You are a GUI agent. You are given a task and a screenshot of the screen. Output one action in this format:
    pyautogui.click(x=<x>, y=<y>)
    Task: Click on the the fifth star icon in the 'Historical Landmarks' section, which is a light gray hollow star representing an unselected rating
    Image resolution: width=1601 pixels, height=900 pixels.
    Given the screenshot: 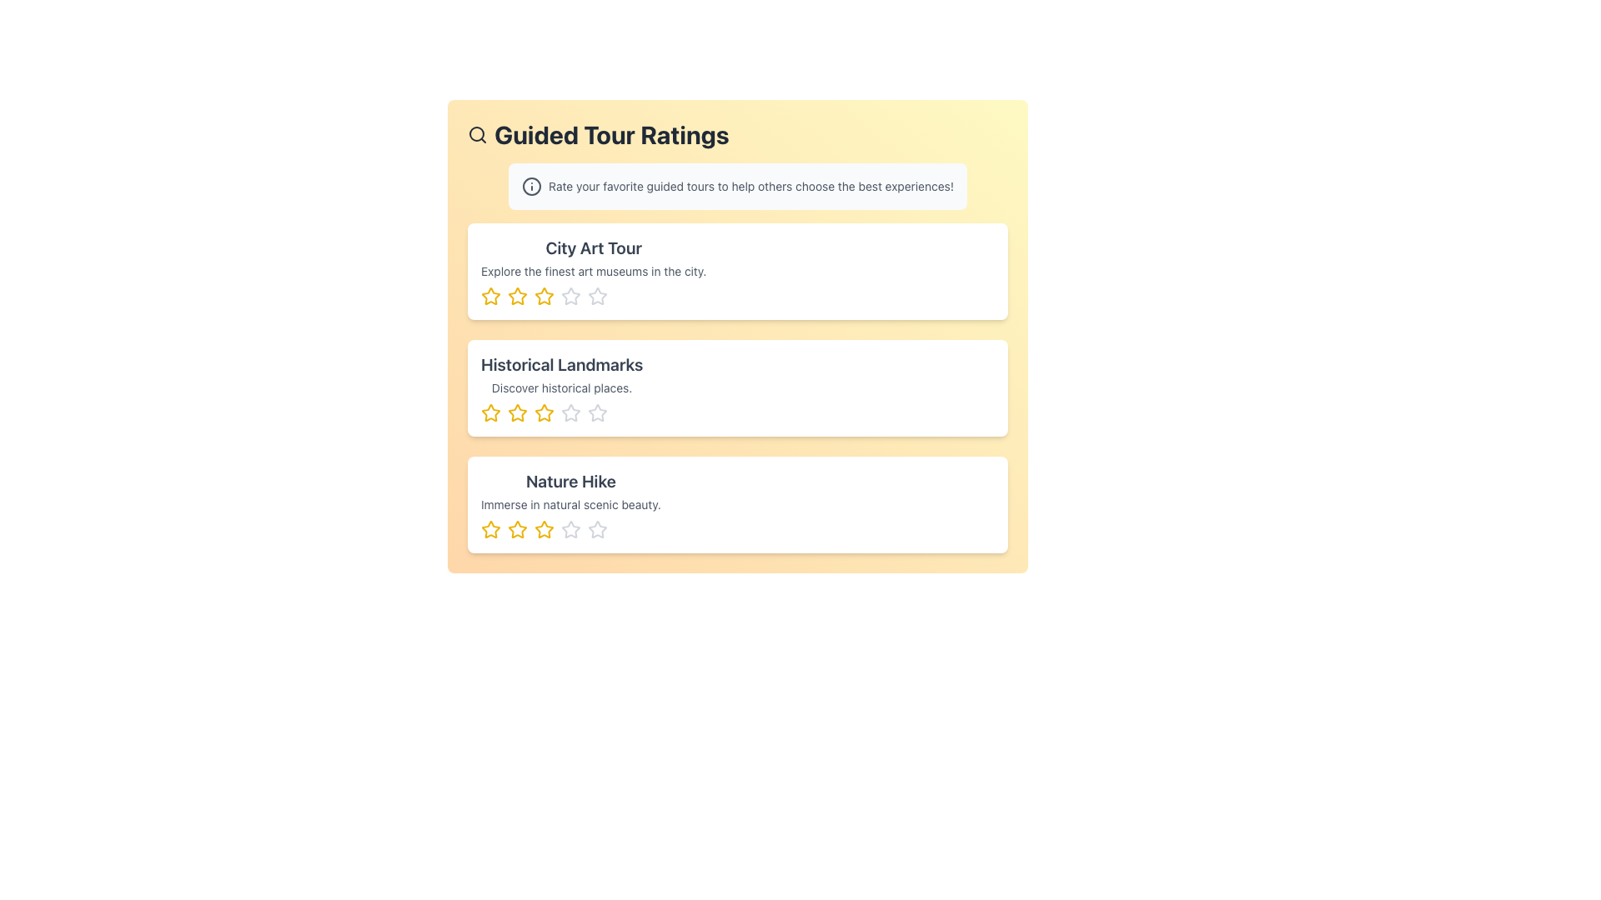 What is the action you would take?
    pyautogui.click(x=571, y=412)
    